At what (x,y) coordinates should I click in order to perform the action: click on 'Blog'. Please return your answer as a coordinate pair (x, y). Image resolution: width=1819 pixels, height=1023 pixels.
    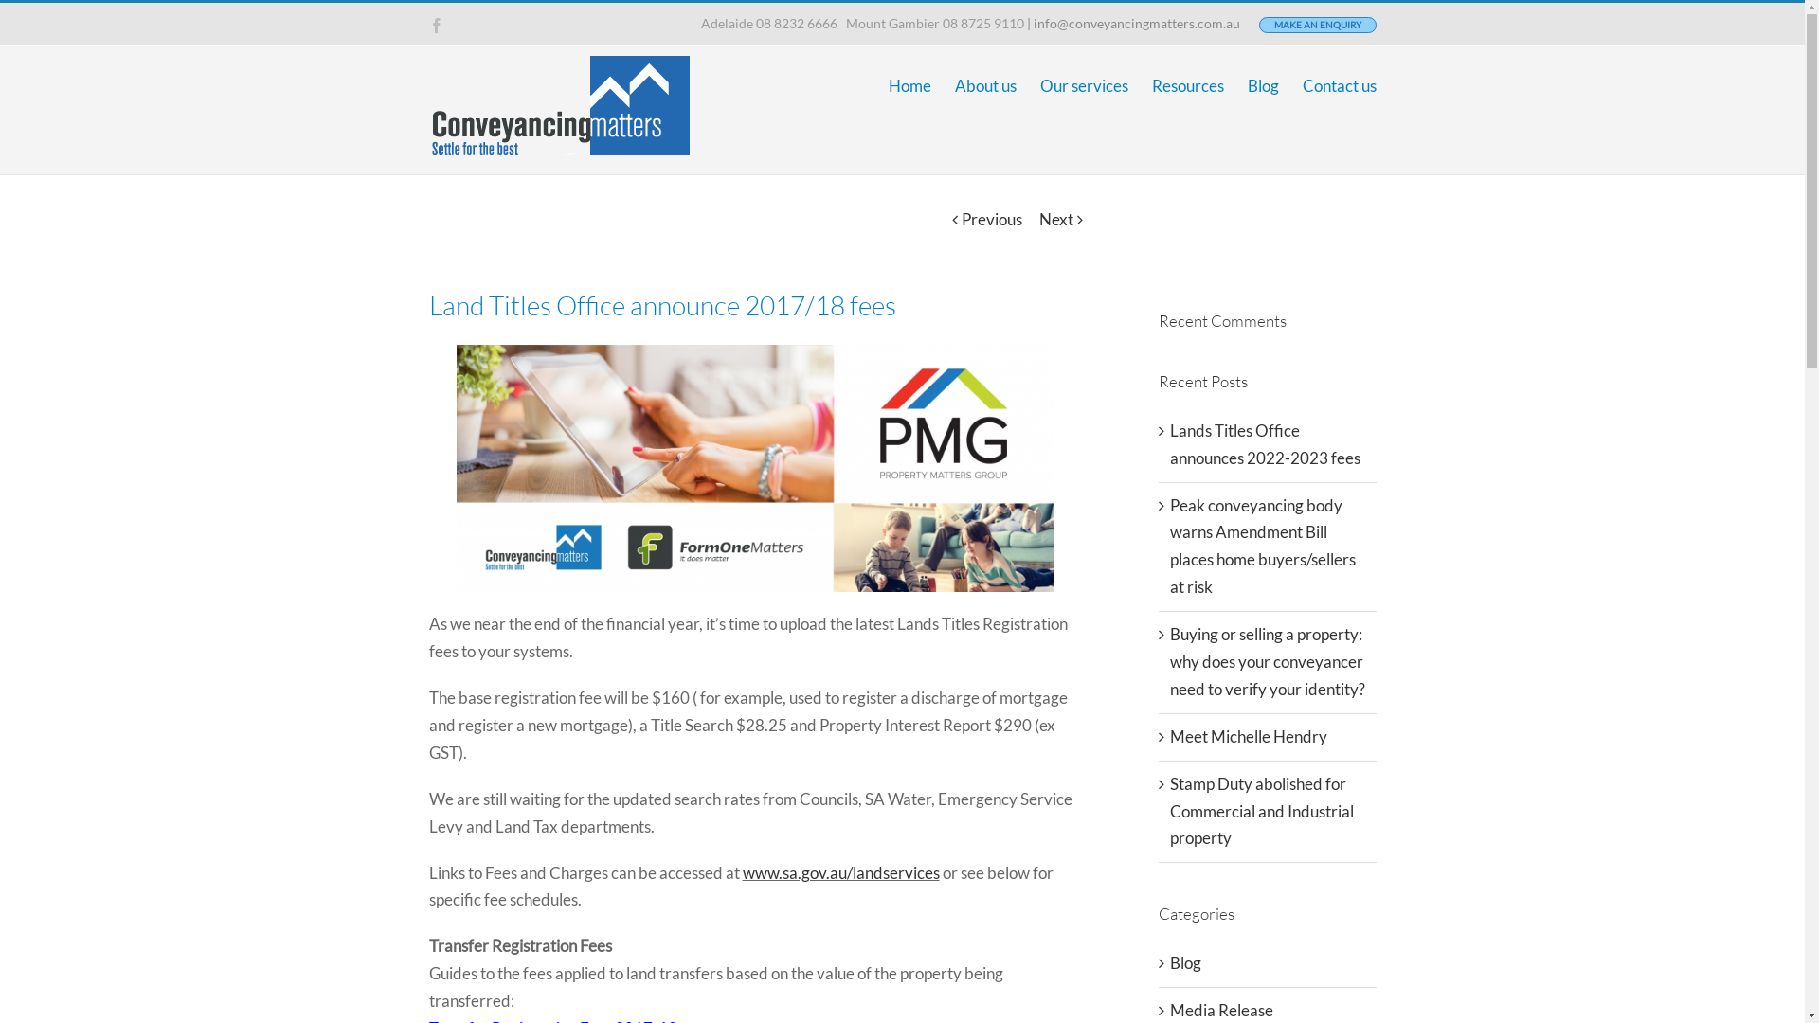
    Looking at the image, I should click on (1262, 85).